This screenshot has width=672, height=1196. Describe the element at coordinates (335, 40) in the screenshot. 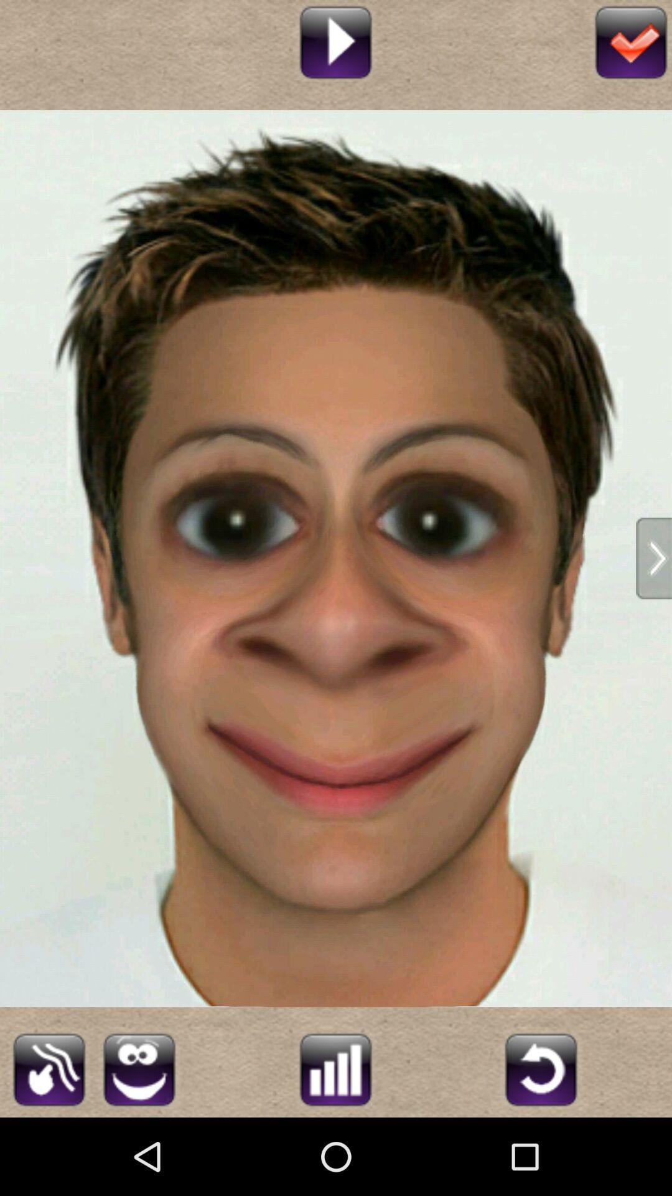

I see `presses play` at that location.